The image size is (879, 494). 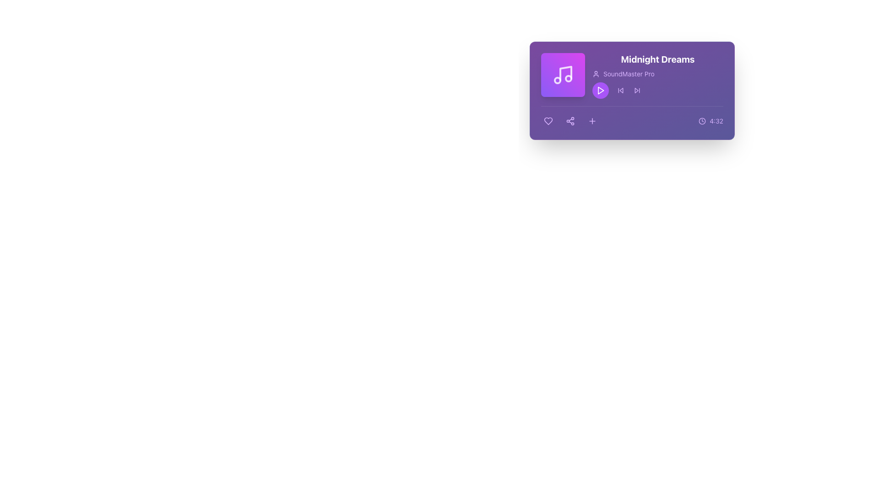 I want to click on the 'Previous Track' button located between the 'Play' and 'Next' buttons in the control panel at the center bottom of the card, so click(x=621, y=90).